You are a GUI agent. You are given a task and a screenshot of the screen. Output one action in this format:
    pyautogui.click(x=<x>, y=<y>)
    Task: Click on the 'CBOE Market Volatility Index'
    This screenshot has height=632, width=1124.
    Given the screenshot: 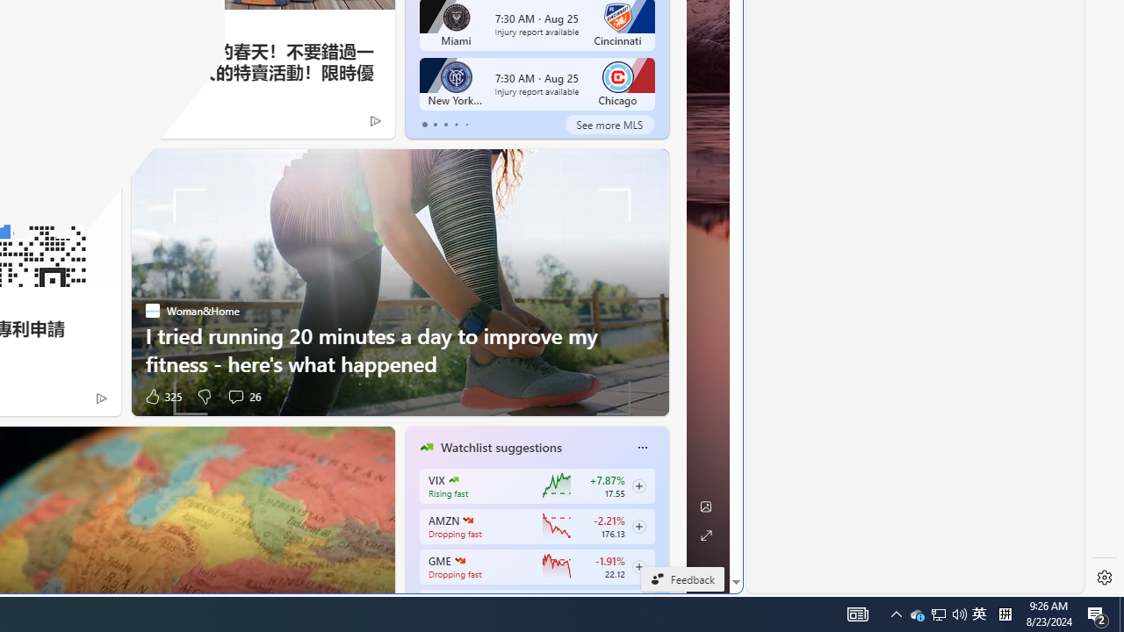 What is the action you would take?
    pyautogui.click(x=453, y=479)
    